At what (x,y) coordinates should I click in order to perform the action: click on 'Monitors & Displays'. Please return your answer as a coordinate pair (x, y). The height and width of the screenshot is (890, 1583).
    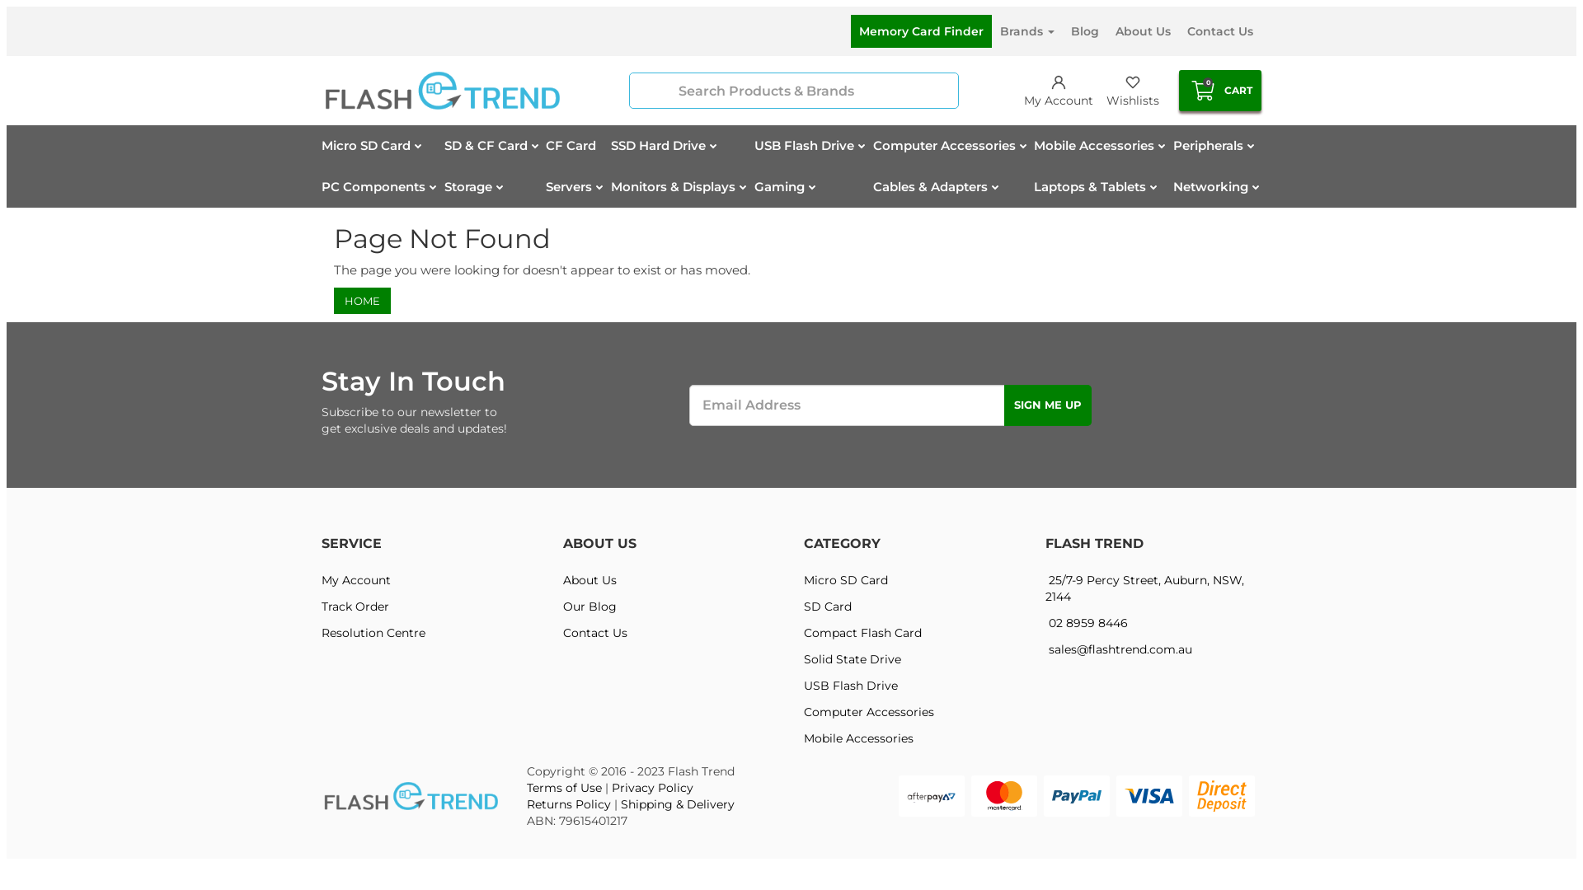
    Looking at the image, I should click on (609, 186).